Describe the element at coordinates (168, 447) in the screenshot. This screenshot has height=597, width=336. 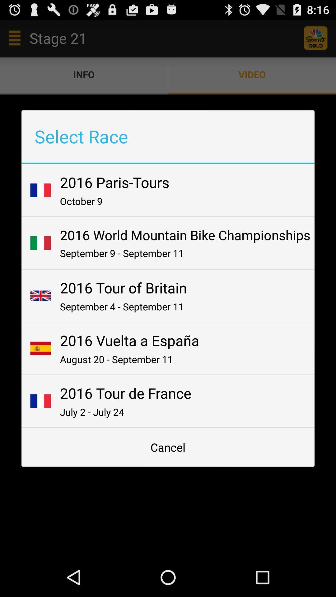
I see `app below july 2 july item` at that location.